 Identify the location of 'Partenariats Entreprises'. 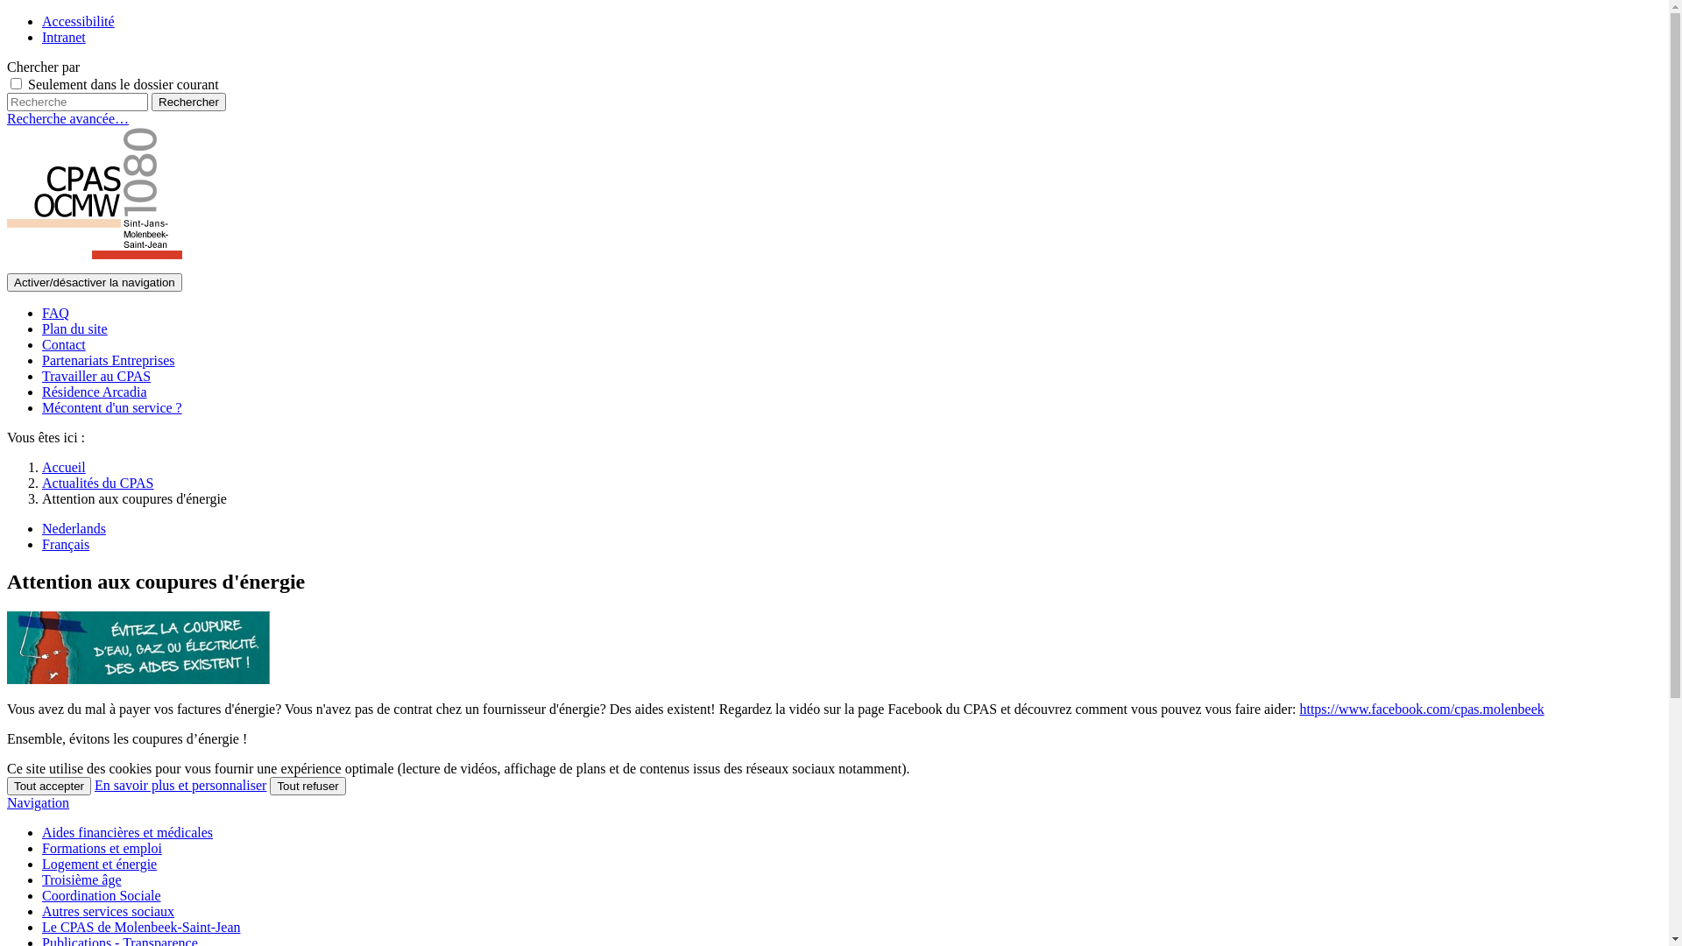
(108, 359).